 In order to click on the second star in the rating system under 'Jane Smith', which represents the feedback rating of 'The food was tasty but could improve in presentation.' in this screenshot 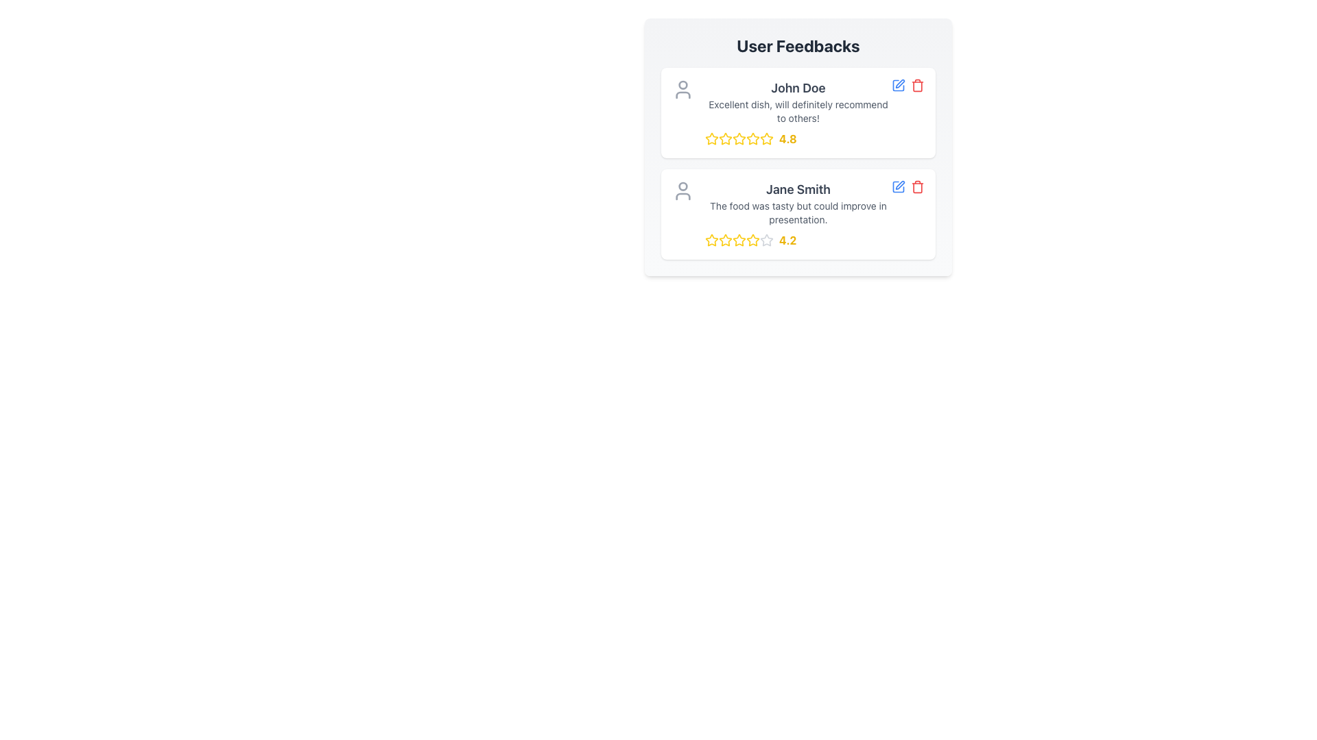, I will do `click(739, 239)`.